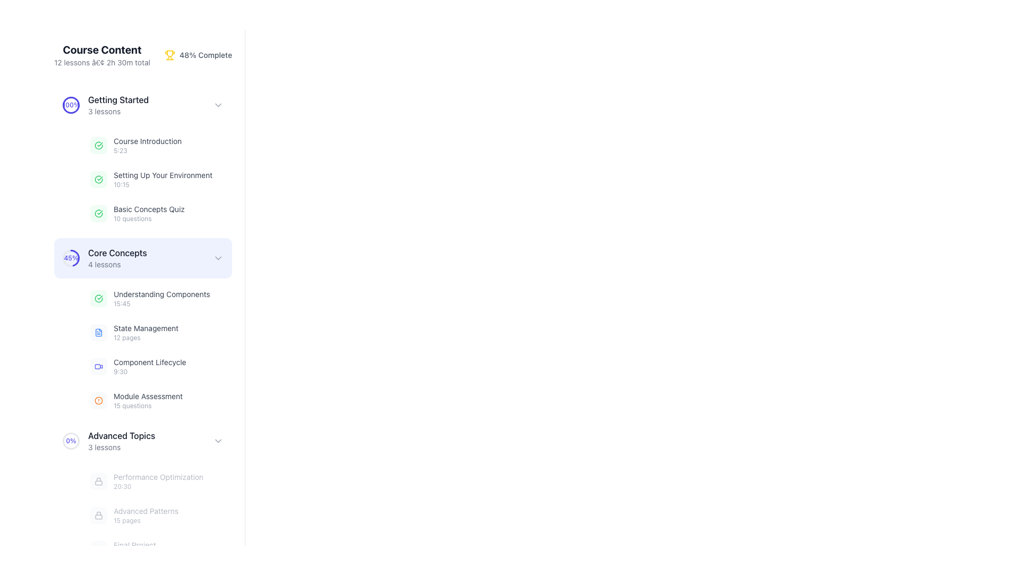  What do you see at coordinates (138, 366) in the screenshot?
I see `the List item with an indigo video icon and text 'Component Lifecycle'` at bounding box center [138, 366].